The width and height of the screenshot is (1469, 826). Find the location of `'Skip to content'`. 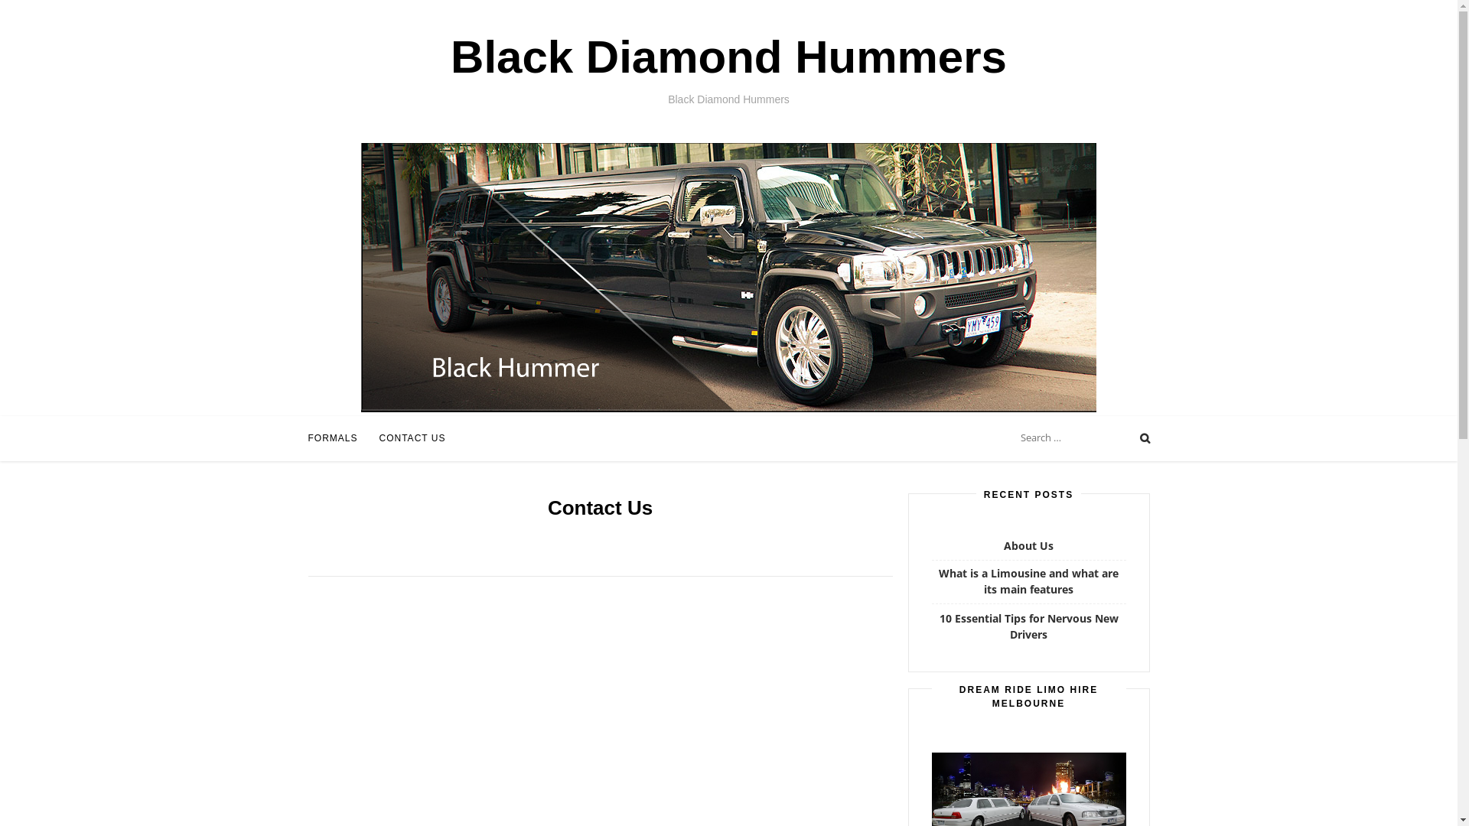

'Skip to content' is located at coordinates (0, 23).